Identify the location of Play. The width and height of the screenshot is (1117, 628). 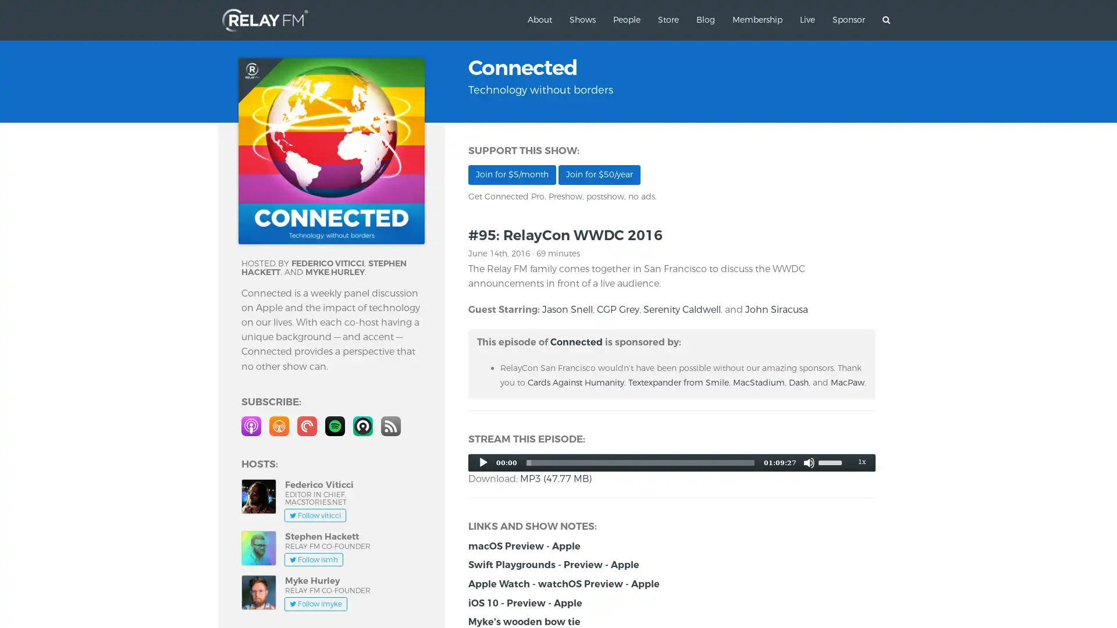
(483, 461).